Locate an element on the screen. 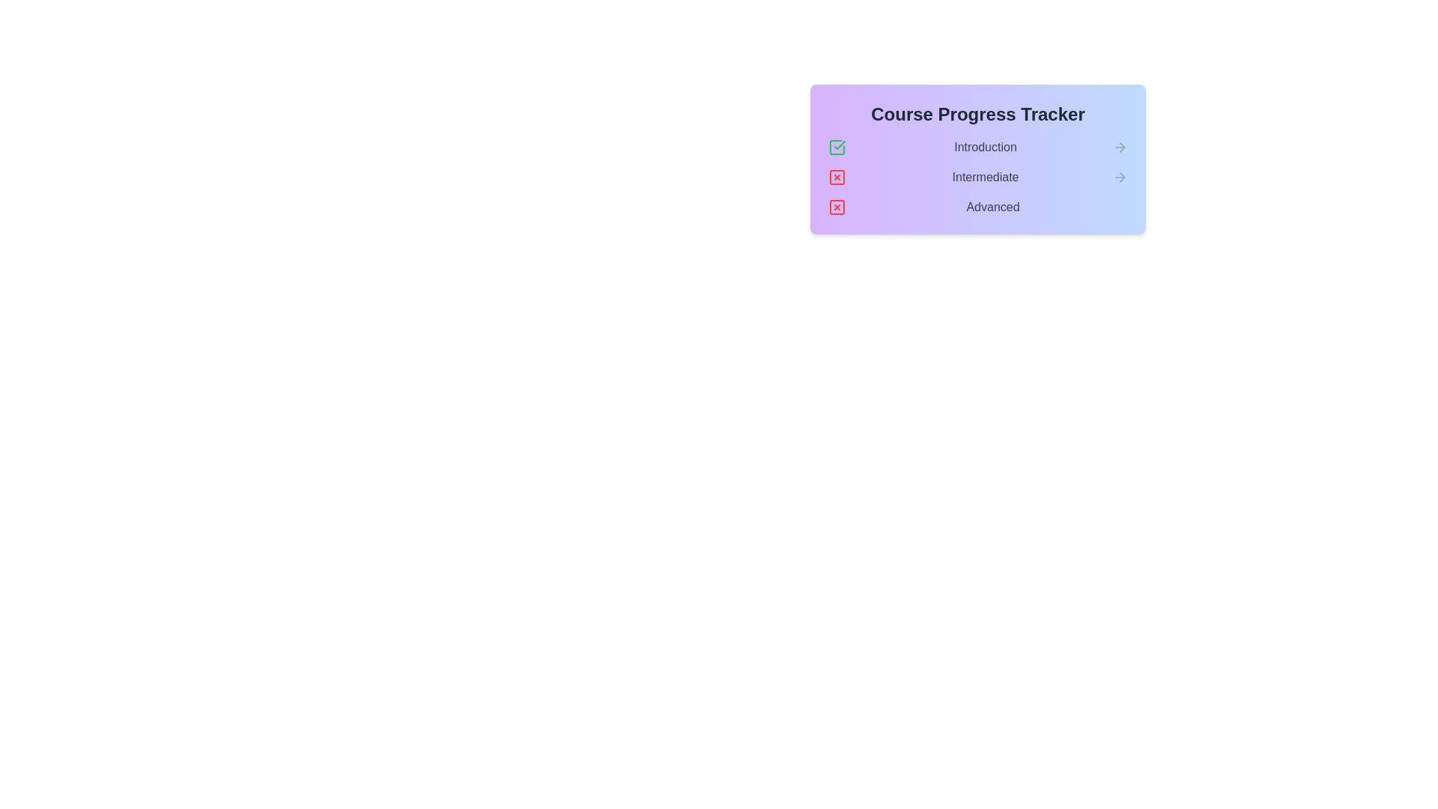  the cross icon next to the stage Intermediate is located at coordinates (837, 176).